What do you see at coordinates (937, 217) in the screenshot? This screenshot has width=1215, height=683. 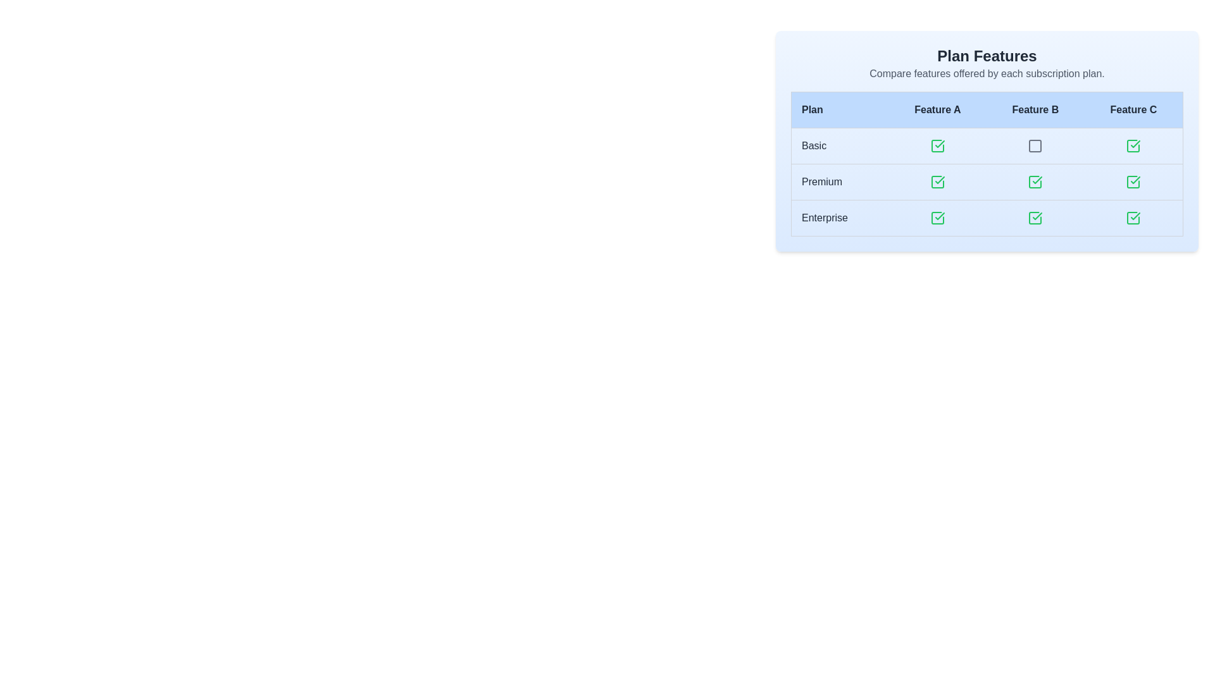 I see `the checkmark icon in the 'Feature A' column for the 'Enterprise' row, indicating availability of the feature for the Enterprise plan` at bounding box center [937, 217].